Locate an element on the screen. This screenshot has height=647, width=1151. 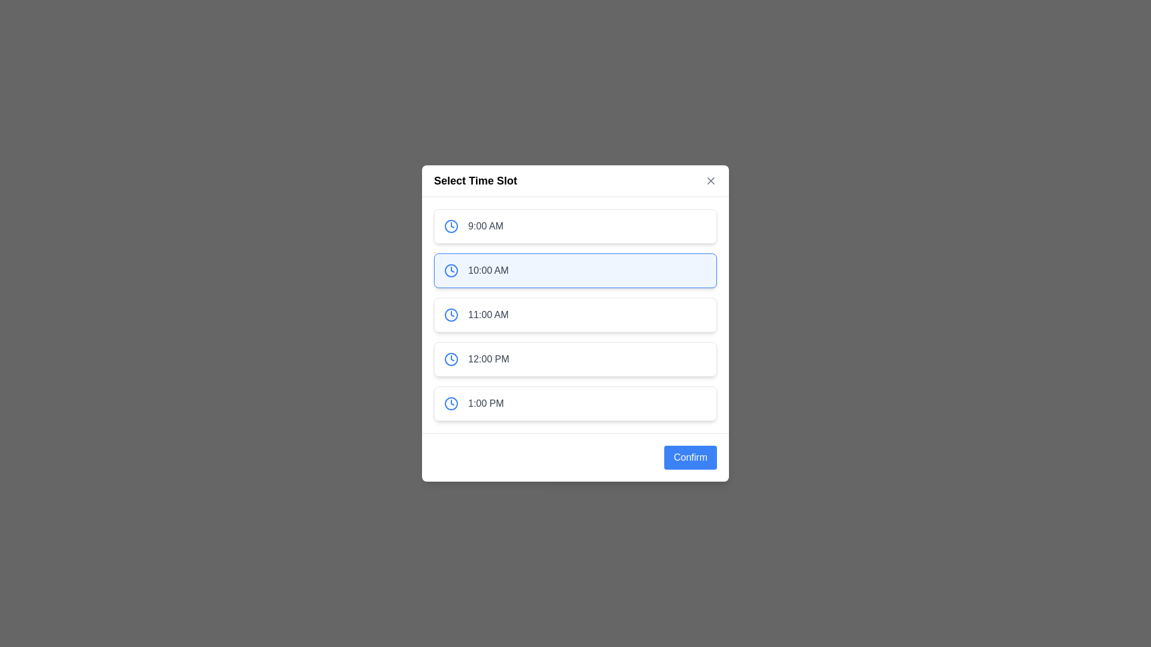
the time slot labeled 12:00 PM to select it is located at coordinates (575, 359).